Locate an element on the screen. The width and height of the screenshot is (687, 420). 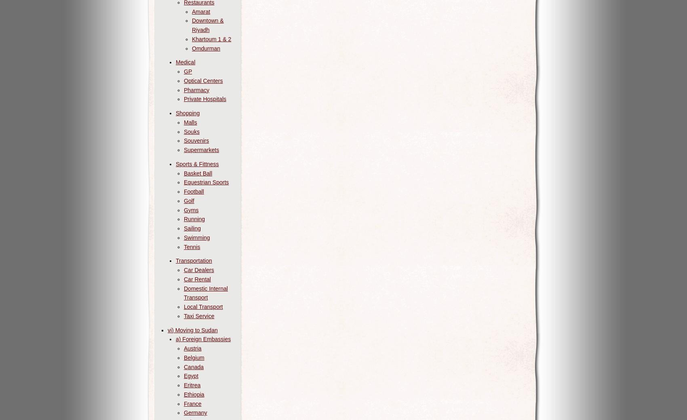
'Local Transport' is located at coordinates (203, 306).